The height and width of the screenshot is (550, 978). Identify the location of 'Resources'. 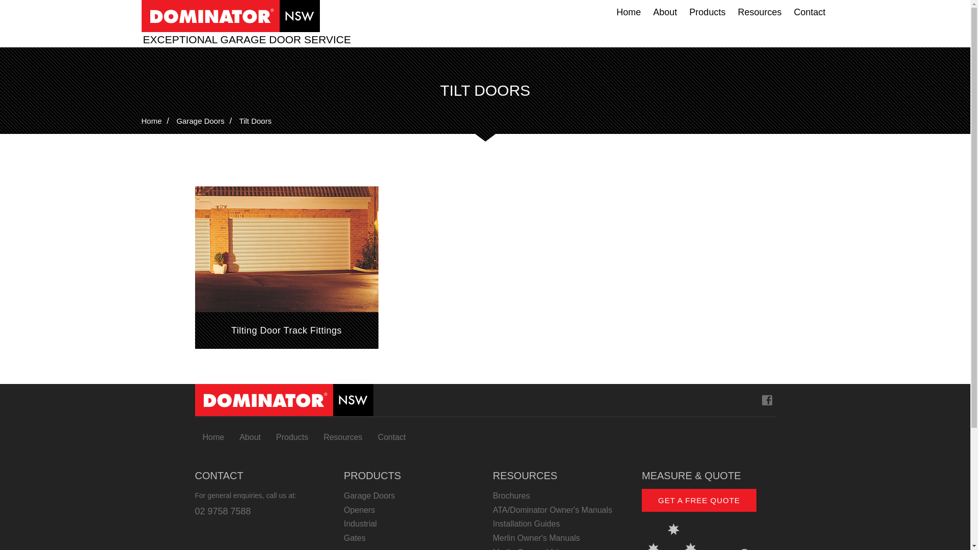
(342, 437).